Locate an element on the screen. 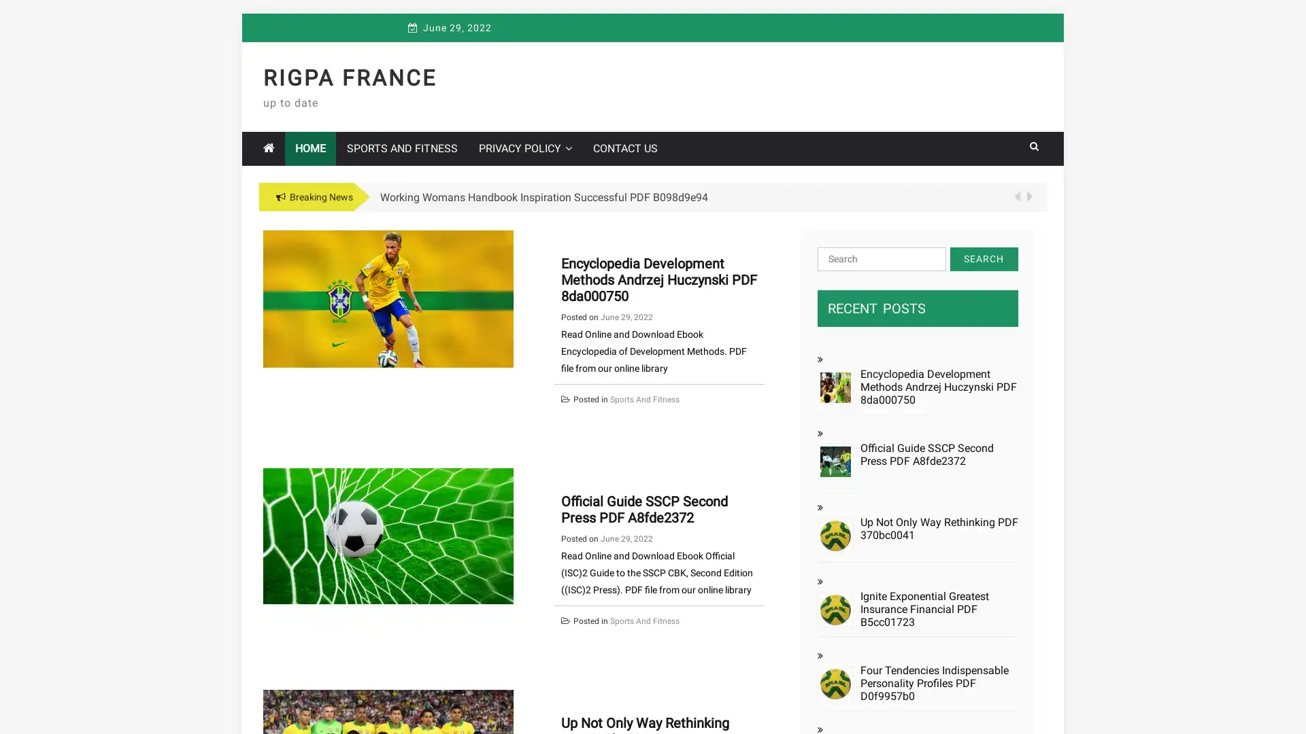  Search is located at coordinates (983, 258).